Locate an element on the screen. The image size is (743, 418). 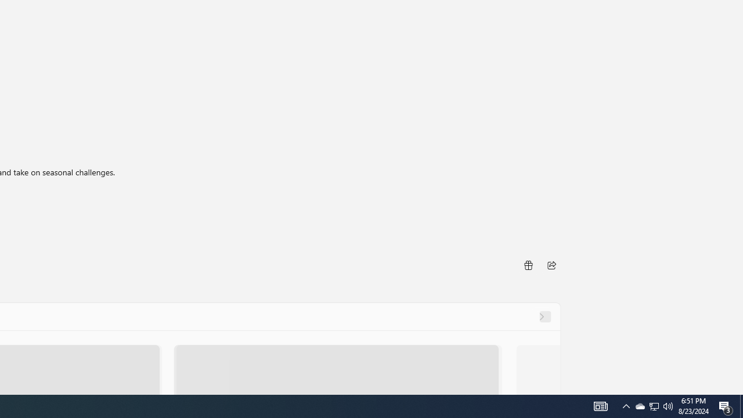
'Share' is located at coordinates (551, 265).